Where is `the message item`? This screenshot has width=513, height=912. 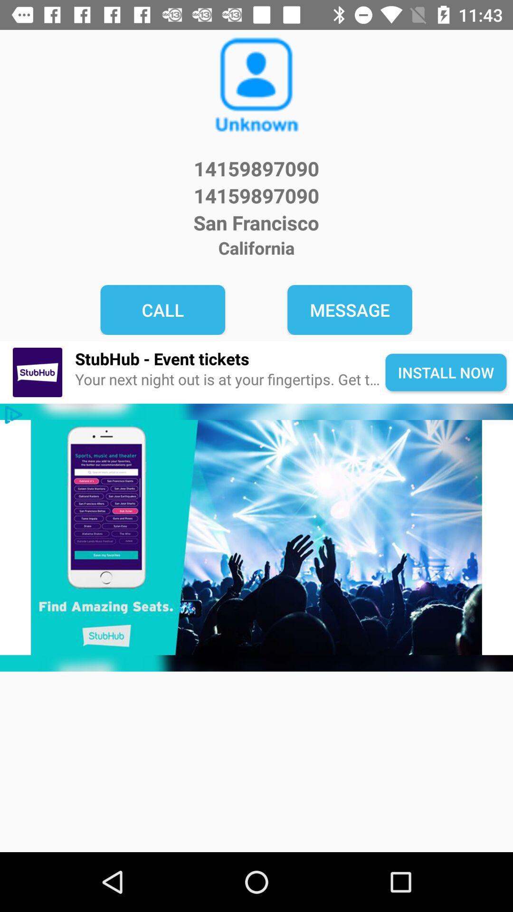
the message item is located at coordinates (350, 310).